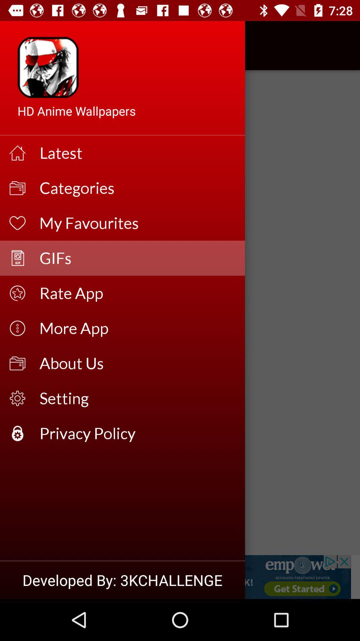 The image size is (360, 641). I want to click on more app icon, so click(137, 328).